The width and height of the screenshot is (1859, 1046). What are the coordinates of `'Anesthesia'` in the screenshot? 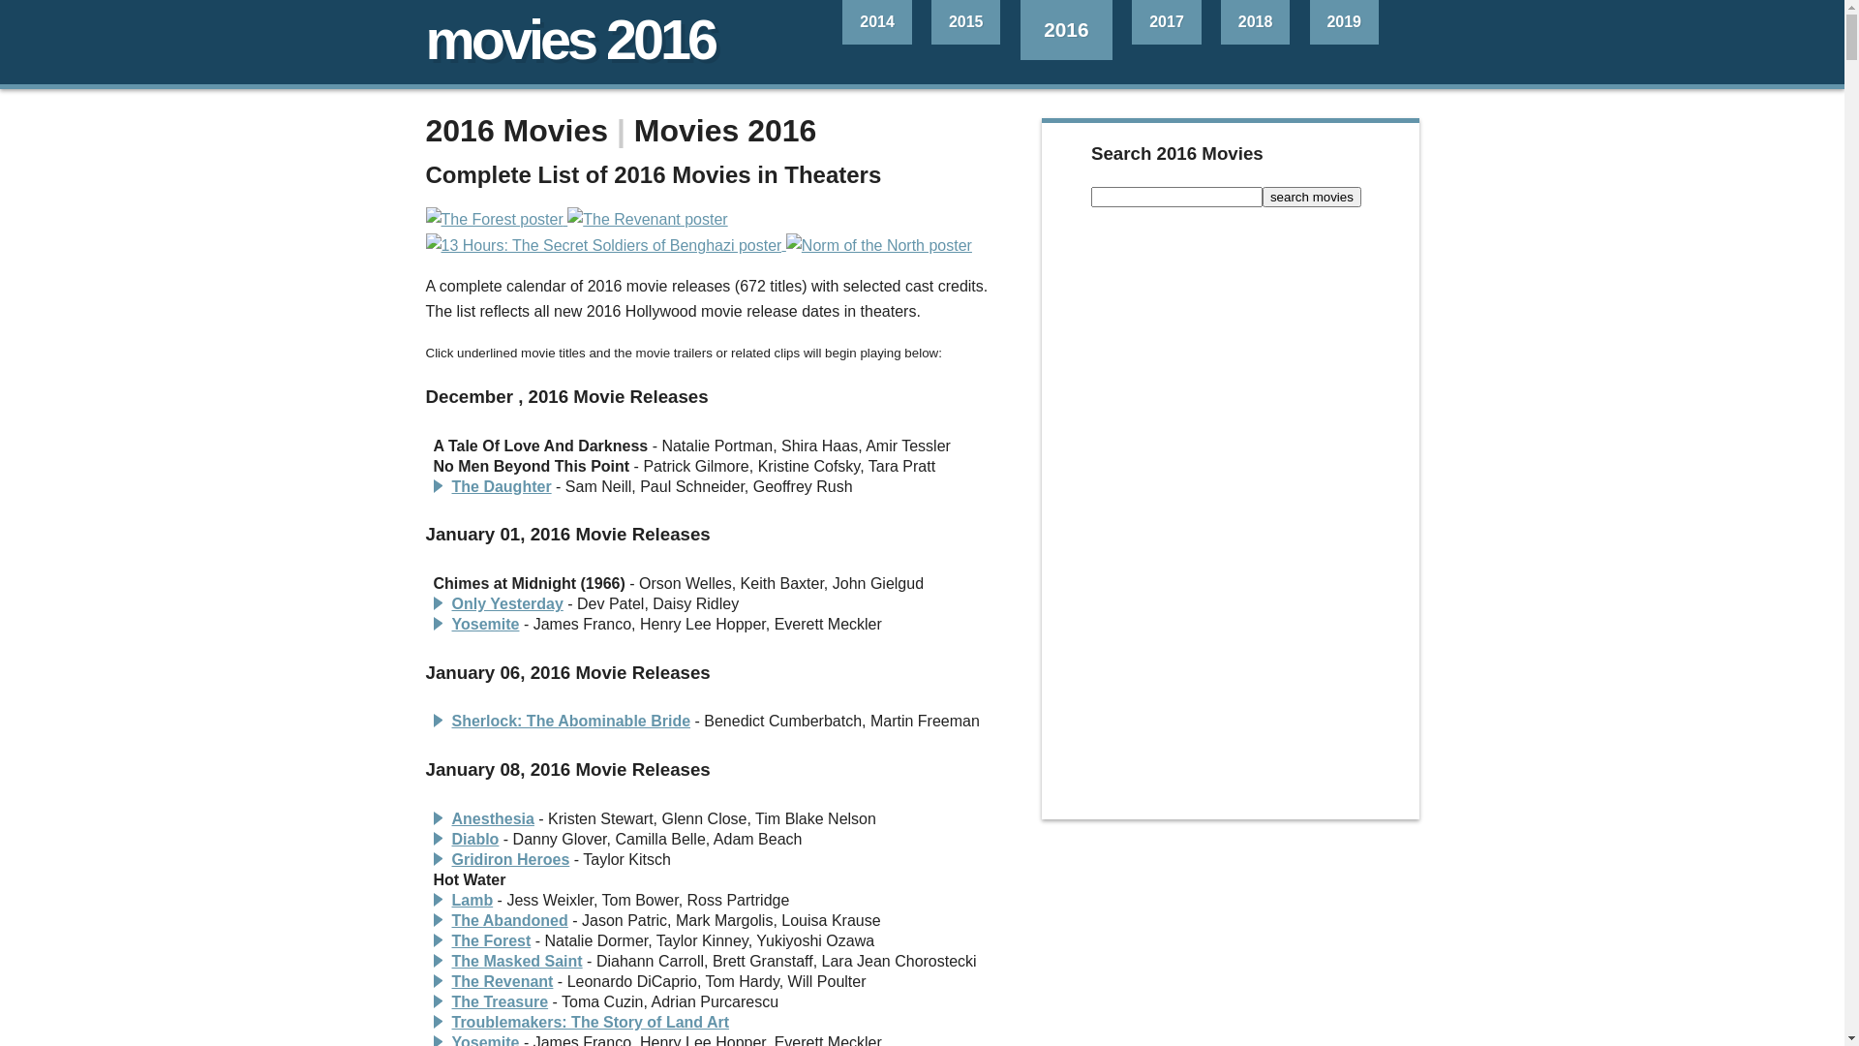 It's located at (492, 818).